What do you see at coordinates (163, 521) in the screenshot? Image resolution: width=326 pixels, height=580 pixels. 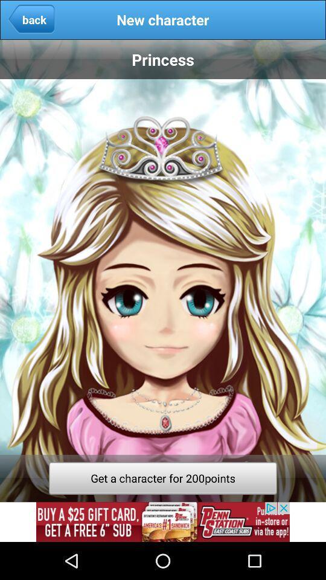 I see `the picture` at bounding box center [163, 521].